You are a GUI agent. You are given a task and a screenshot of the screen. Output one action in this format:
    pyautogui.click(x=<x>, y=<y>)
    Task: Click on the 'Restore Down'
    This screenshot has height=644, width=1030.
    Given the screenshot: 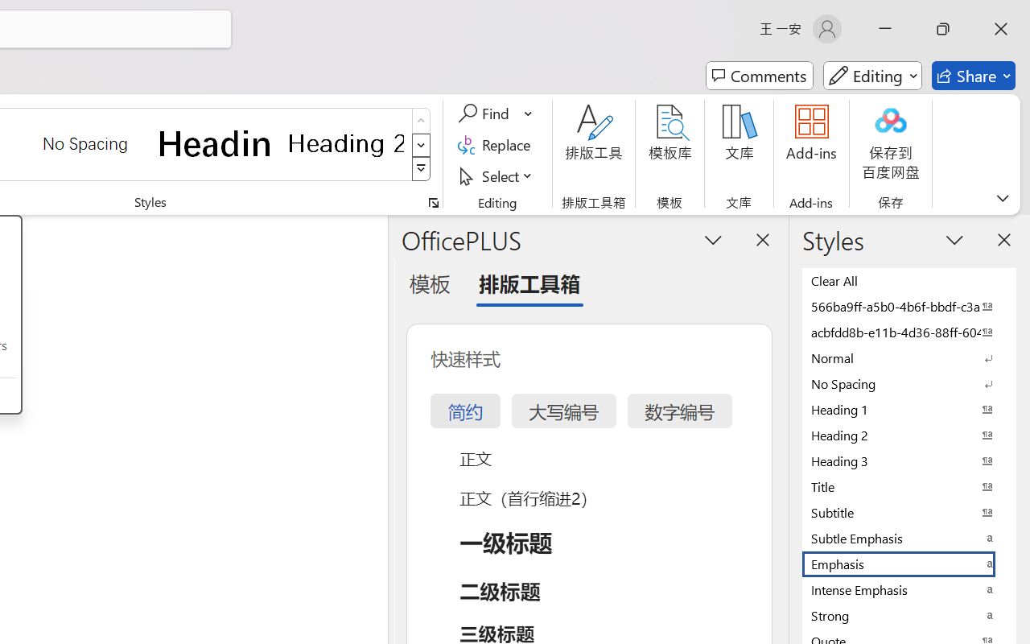 What is the action you would take?
    pyautogui.click(x=943, y=28)
    